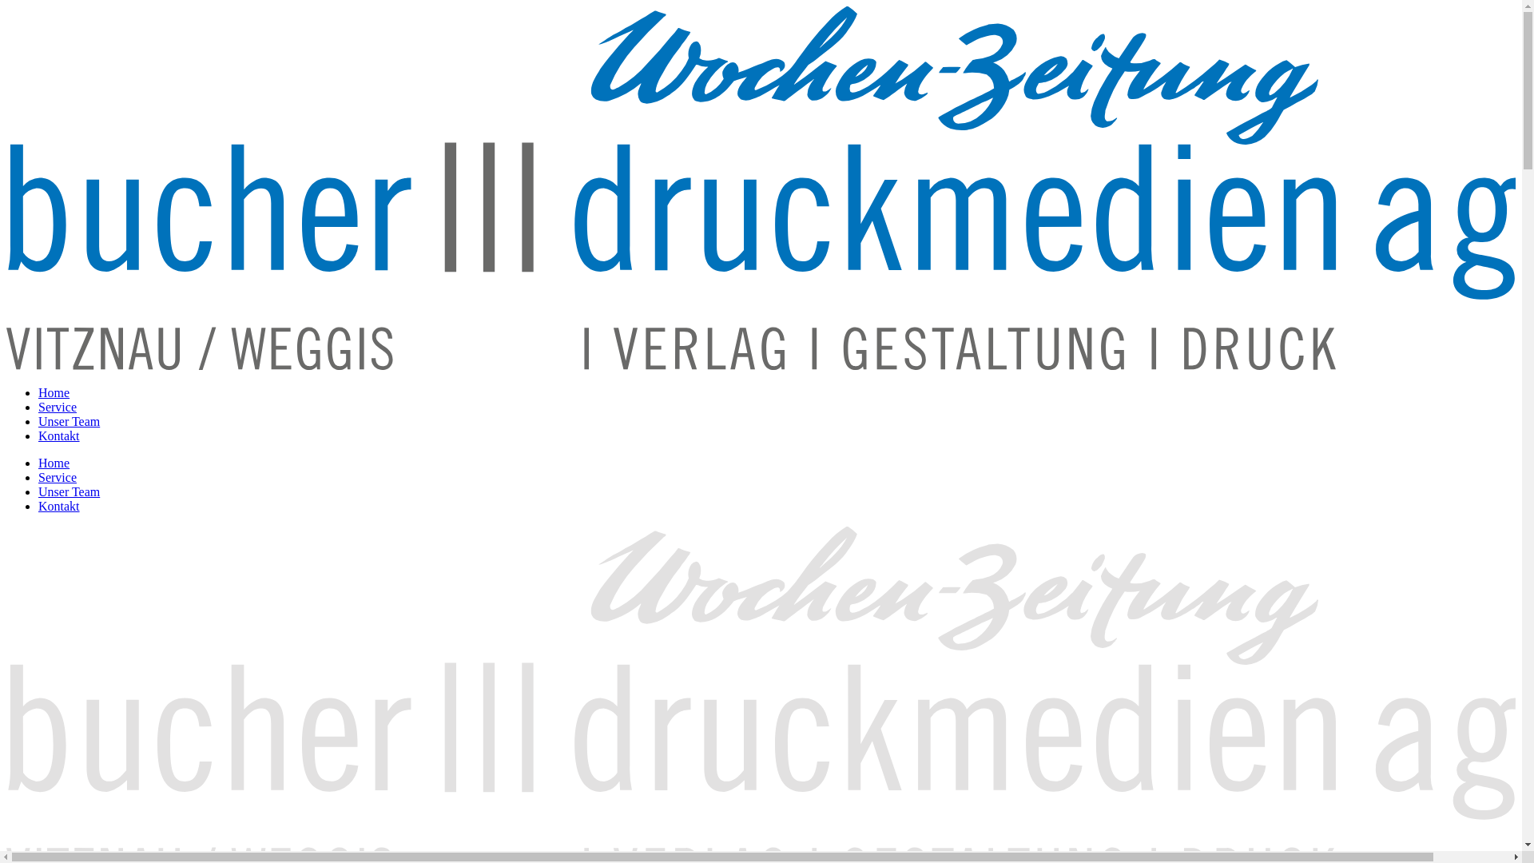 This screenshot has height=863, width=1534. What do you see at coordinates (54, 463) in the screenshot?
I see `'Home'` at bounding box center [54, 463].